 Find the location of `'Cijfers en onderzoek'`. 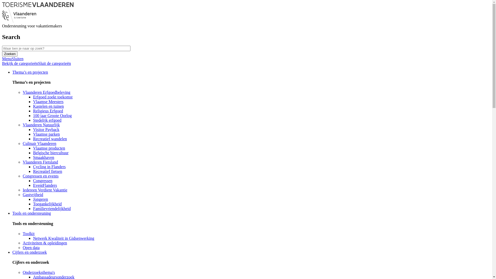

'Cijfers en onderzoek' is located at coordinates (12, 252).